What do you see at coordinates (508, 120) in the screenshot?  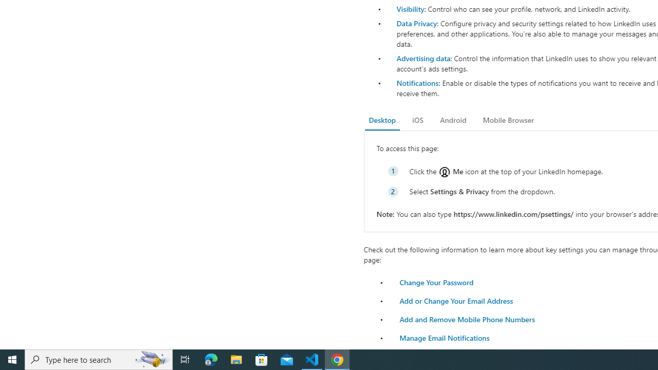 I see `'Mobile Browser'` at bounding box center [508, 120].